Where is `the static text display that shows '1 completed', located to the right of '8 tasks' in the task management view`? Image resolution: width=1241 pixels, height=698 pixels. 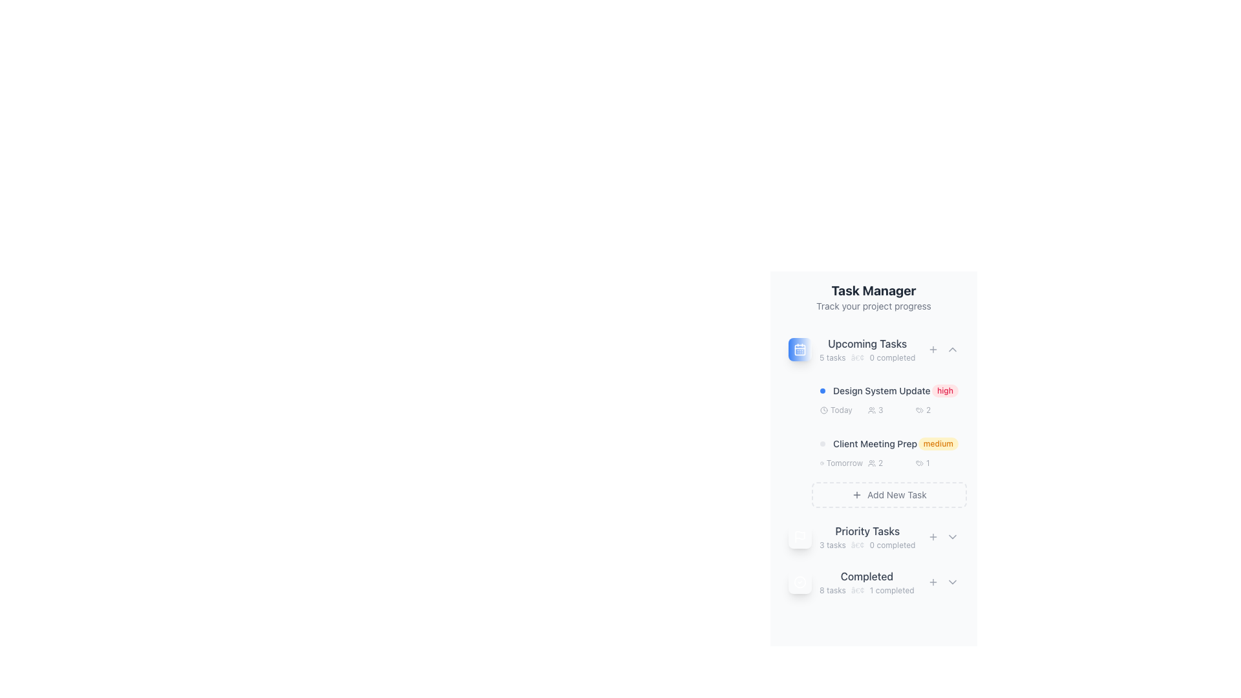
the static text display that shows '1 completed', located to the right of '8 tasks' in the task management view is located at coordinates (891, 591).